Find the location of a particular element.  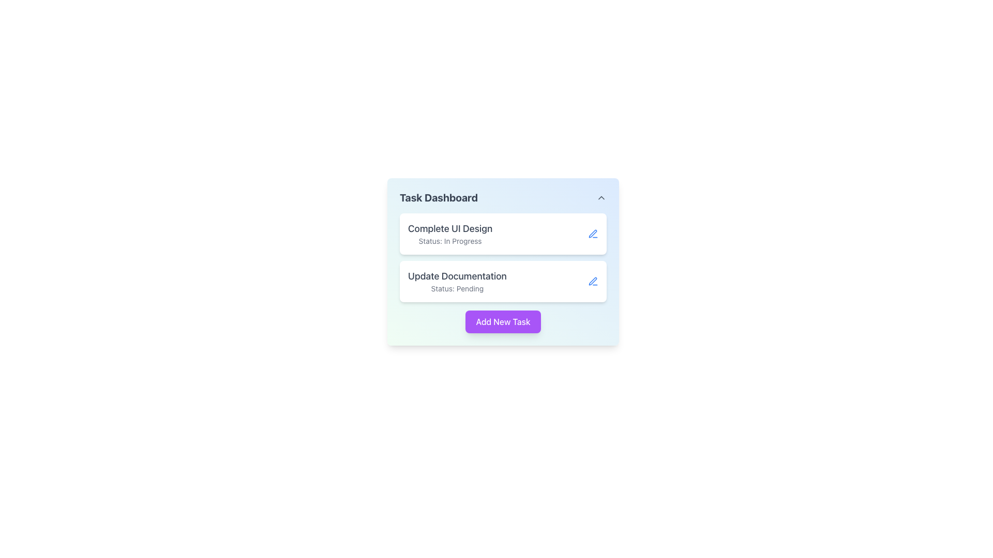

the text label displaying 'Task Dashboard', which is a bold, large gray font indicating its importance as a header for the section is located at coordinates (439, 197).